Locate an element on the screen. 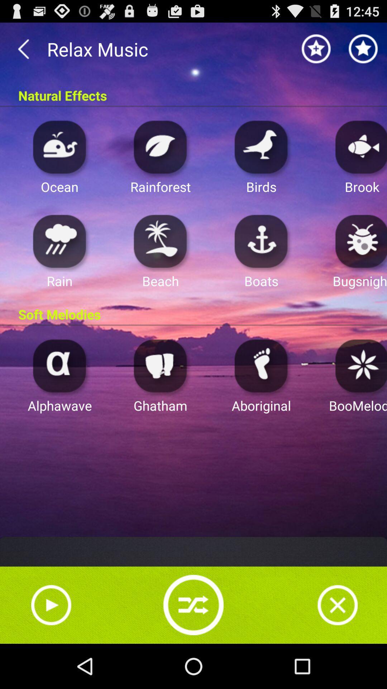 This screenshot has width=387, height=689. the effect is located at coordinates (59, 146).